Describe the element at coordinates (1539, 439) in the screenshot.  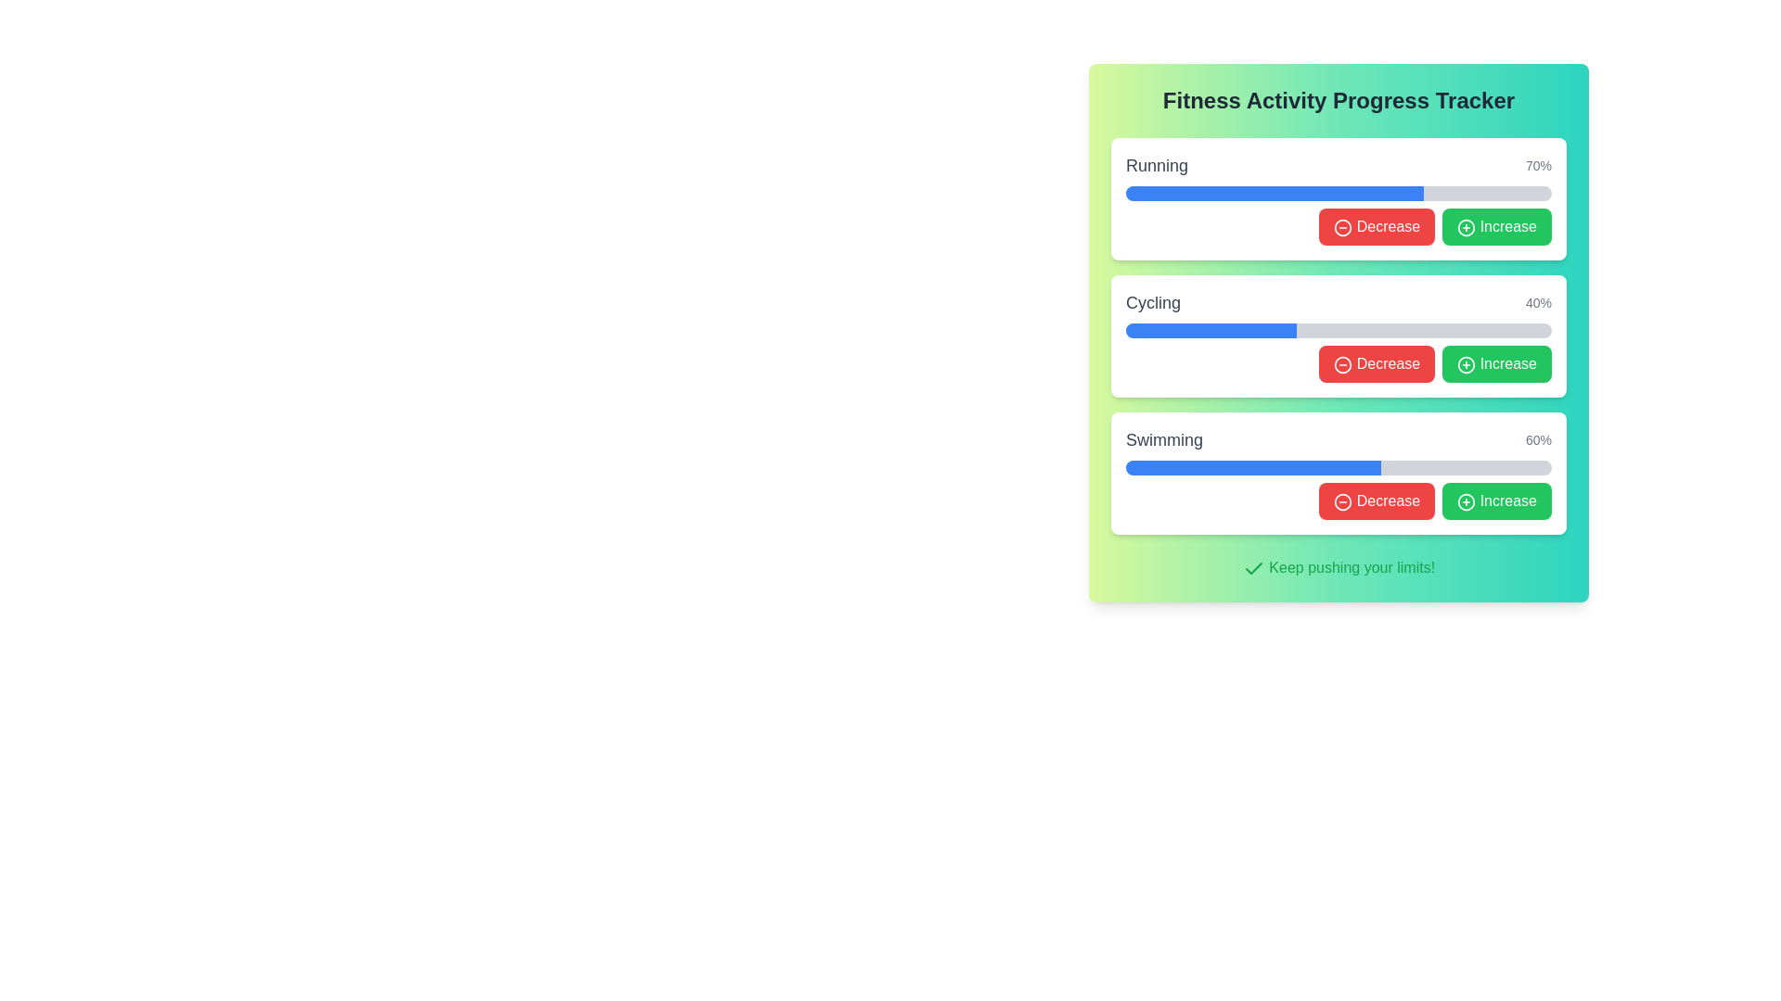
I see `the static text display showing '60%' that indicates the progress metric in the 'Swimming' section of the progress tracker interface` at that location.